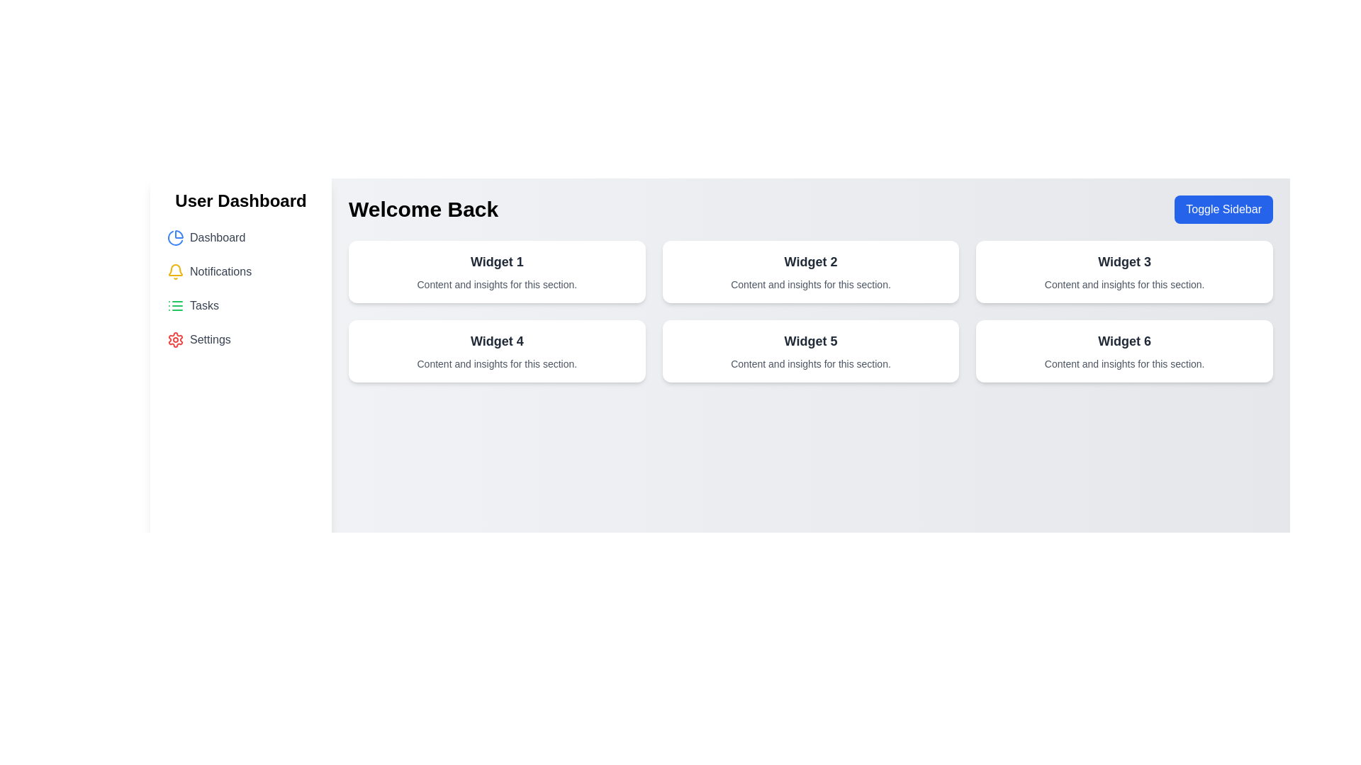 Image resolution: width=1361 pixels, height=765 pixels. I want to click on text 'Dashboard' from the Text label displayed in gray font within the navigational menu on the left side of the interface, located below 'User Dashboard', so click(217, 237).